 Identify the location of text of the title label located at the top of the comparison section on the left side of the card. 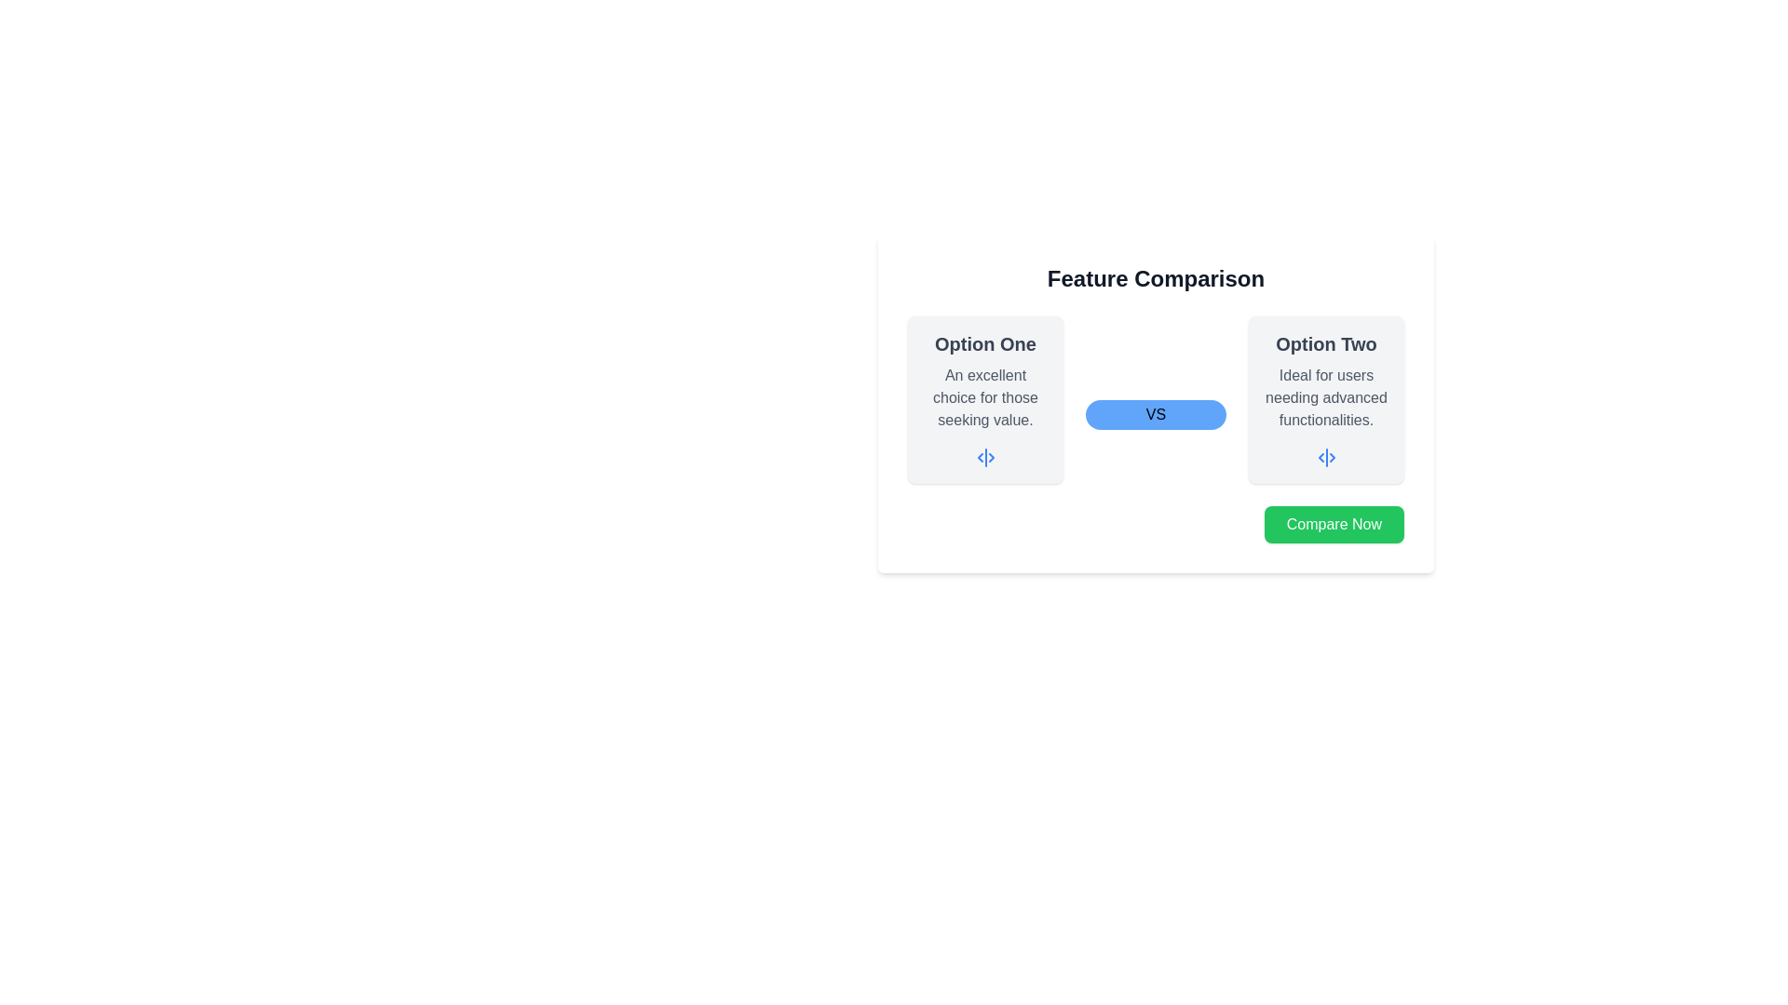
(984, 344).